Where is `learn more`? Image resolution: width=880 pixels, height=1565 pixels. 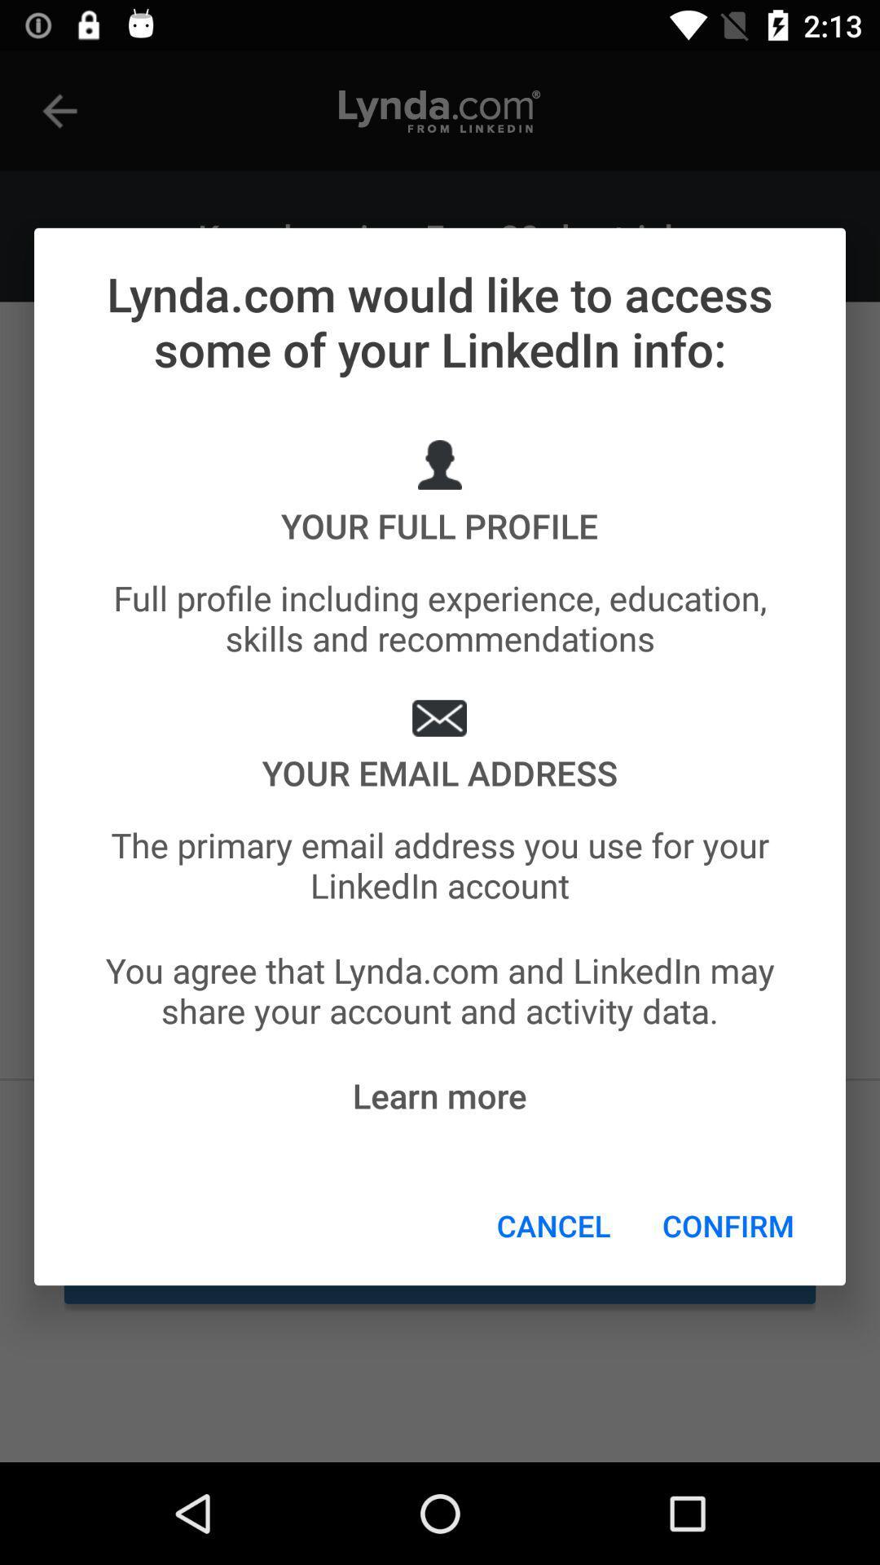 learn more is located at coordinates (438, 1095).